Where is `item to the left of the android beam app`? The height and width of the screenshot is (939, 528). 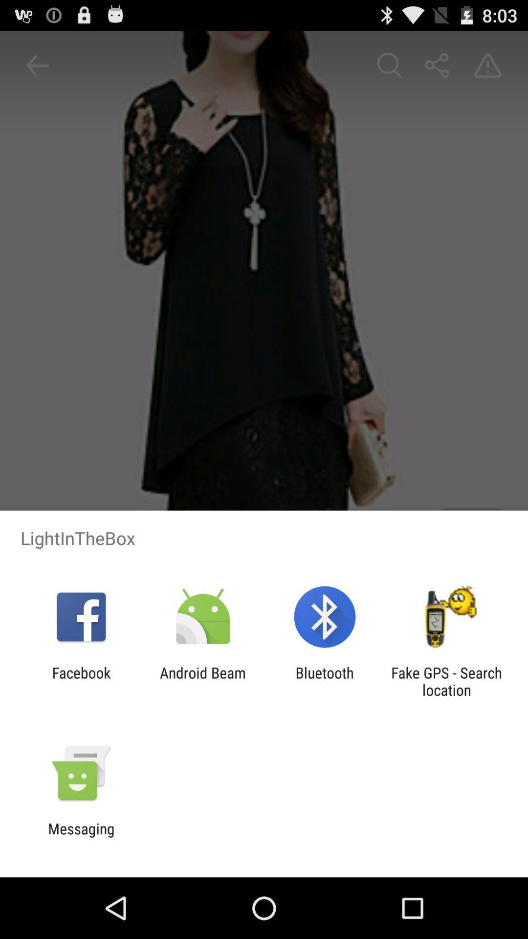 item to the left of the android beam app is located at coordinates (81, 681).